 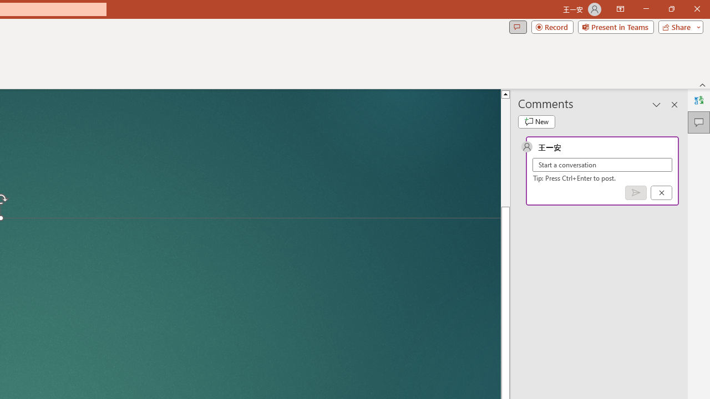 What do you see at coordinates (650, 18) in the screenshot?
I see `'Restore Down'` at bounding box center [650, 18].